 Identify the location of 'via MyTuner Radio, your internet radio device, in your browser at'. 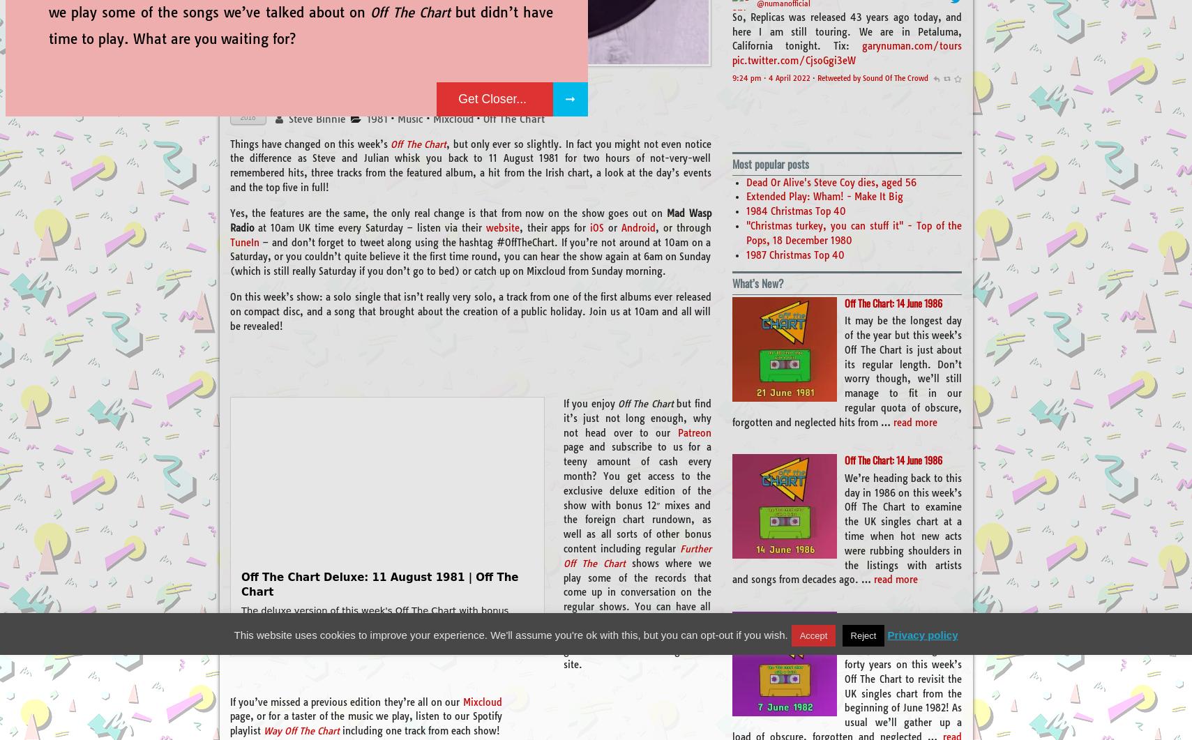
(847, 57).